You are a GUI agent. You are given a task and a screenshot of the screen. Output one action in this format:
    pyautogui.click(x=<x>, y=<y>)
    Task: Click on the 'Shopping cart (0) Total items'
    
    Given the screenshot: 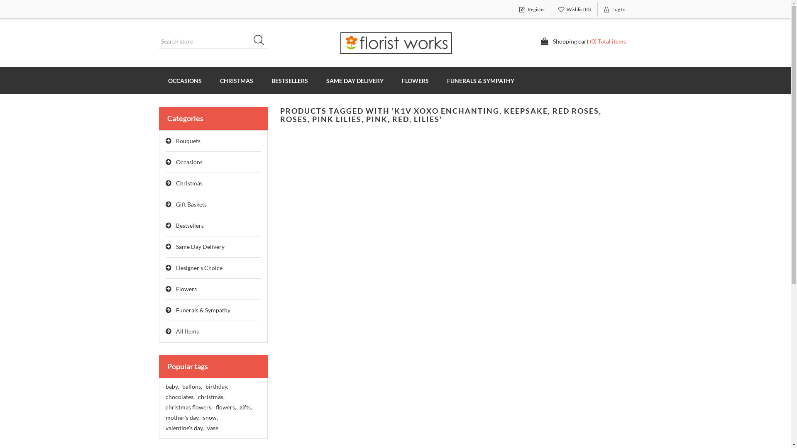 What is the action you would take?
    pyautogui.click(x=540, y=41)
    